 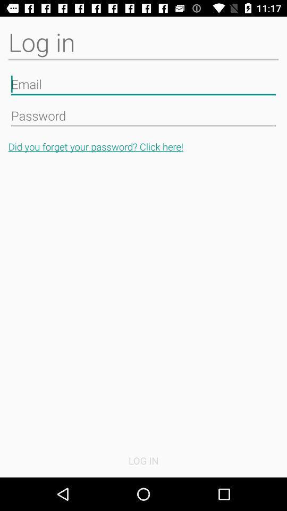 I want to click on the did you forget, so click(x=143, y=146).